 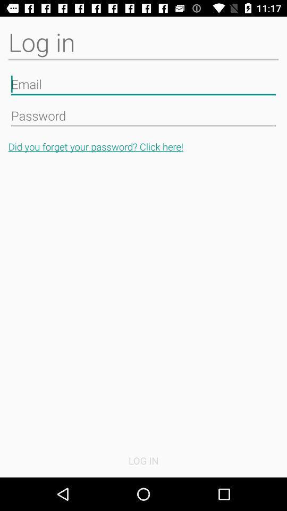 I want to click on the did you forget, so click(x=143, y=146).